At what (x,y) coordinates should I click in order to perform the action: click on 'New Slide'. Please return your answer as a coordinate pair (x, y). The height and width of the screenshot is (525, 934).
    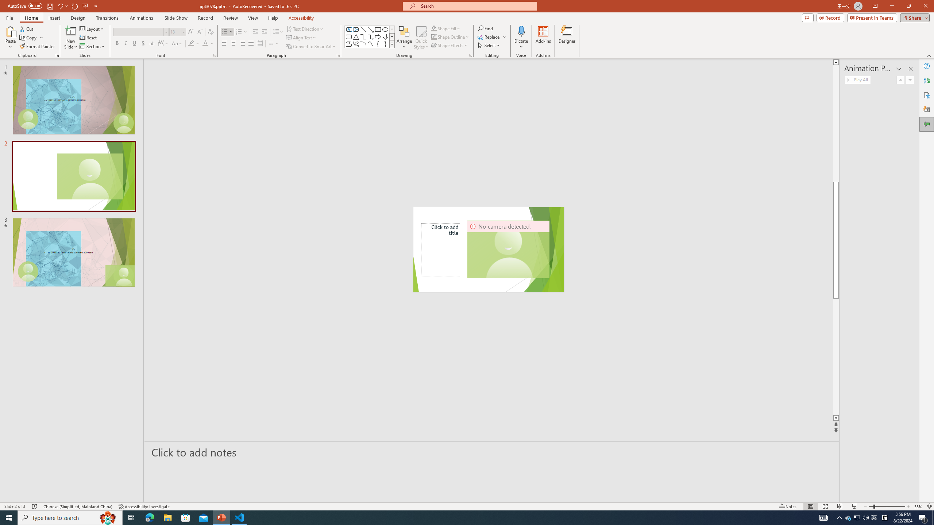
    Looking at the image, I should click on (70, 31).